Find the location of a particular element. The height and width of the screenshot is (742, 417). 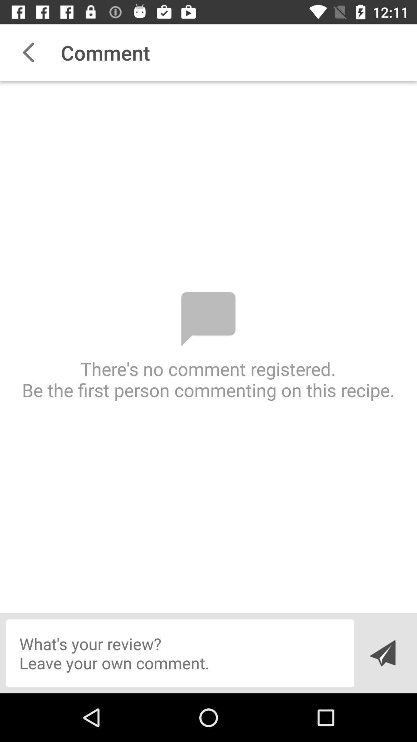

your review is located at coordinates (180, 653).